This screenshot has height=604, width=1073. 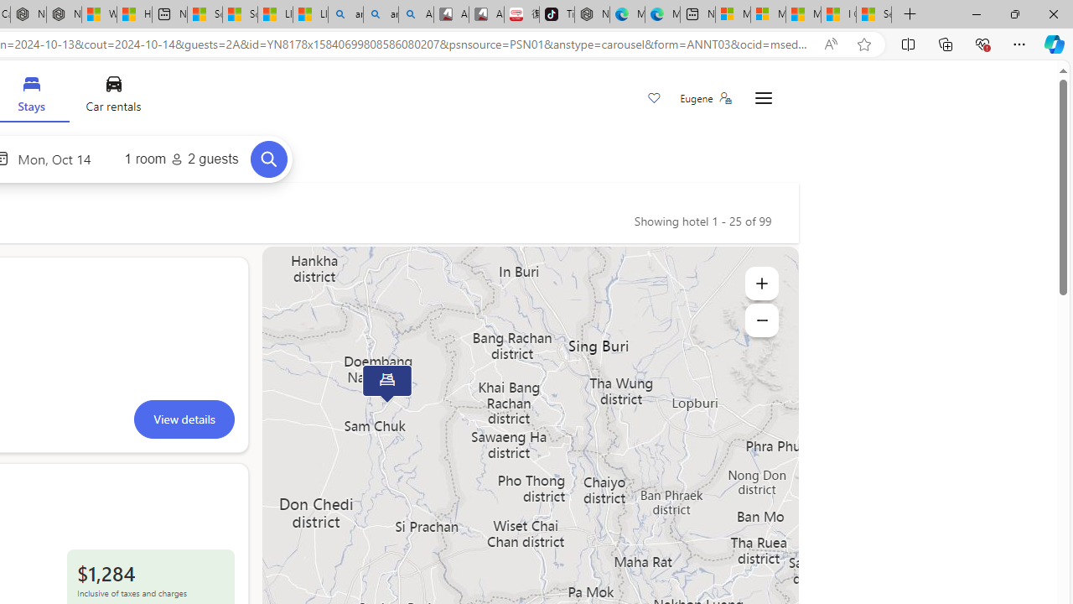 I want to click on 'End date', so click(x=59, y=159).